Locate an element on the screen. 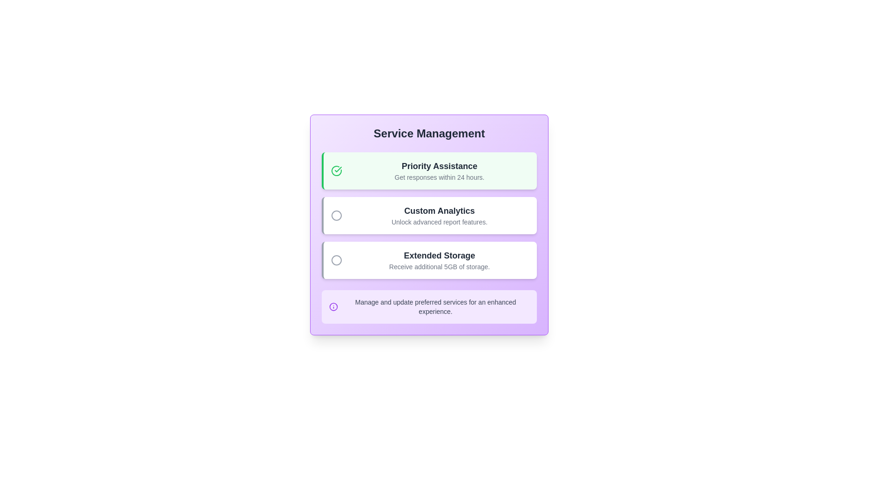 This screenshot has height=503, width=894. the SVG graphical element with a circular shape located at the center of the 'Custom Analytics' option in the 'Service Management' panel is located at coordinates (336, 215).